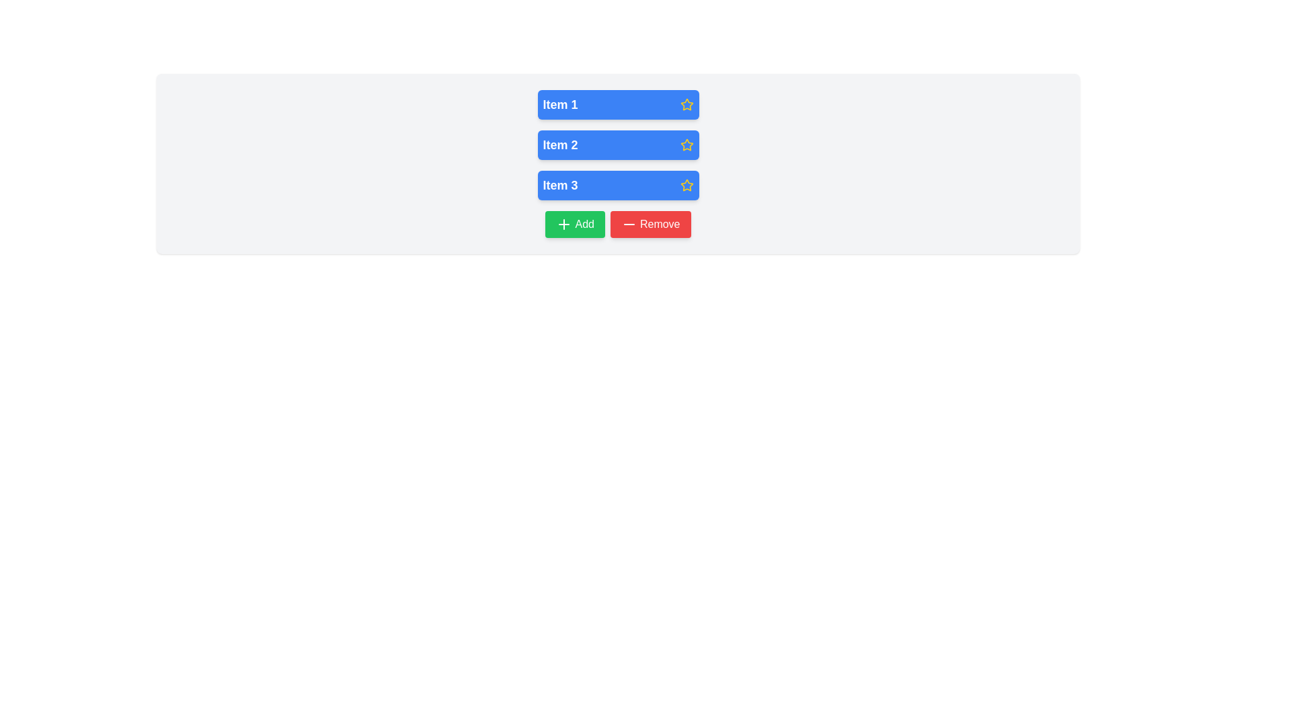  What do you see at coordinates (617, 145) in the screenshot?
I see `the second item in a vertical list of three items, which is positioned below 'Item 1' and above 'Item 3'` at bounding box center [617, 145].